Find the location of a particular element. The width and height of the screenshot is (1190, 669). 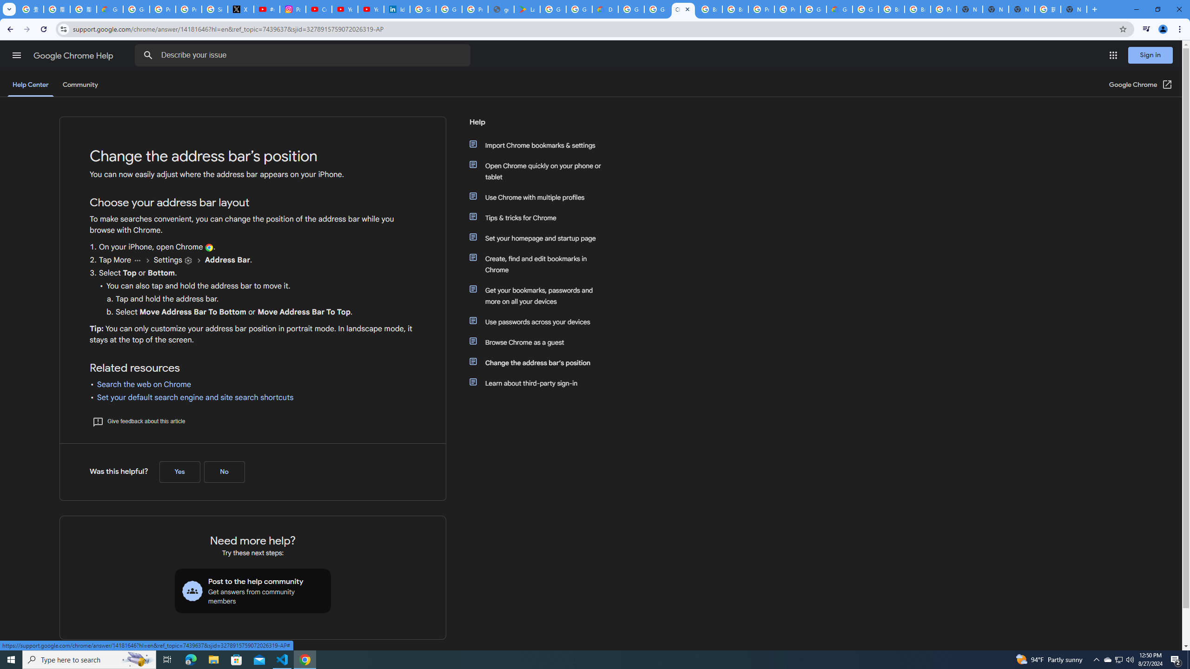

'Describe your issue' is located at coordinates (304, 55).